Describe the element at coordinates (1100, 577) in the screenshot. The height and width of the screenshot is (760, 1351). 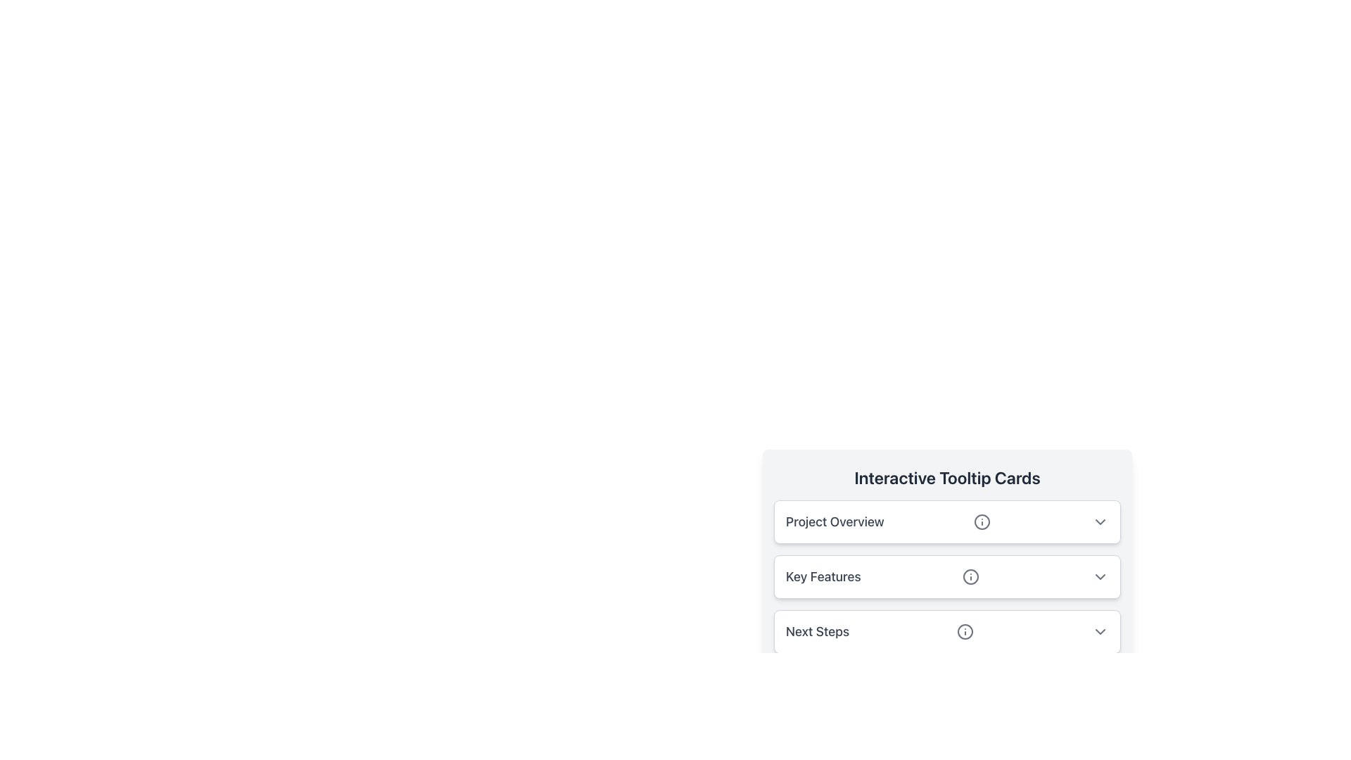
I see `the Dropdown Toggle Button located at the far right of the 'Key Features' section header in the 'Interactive Tooltip Cards' panel` at that location.